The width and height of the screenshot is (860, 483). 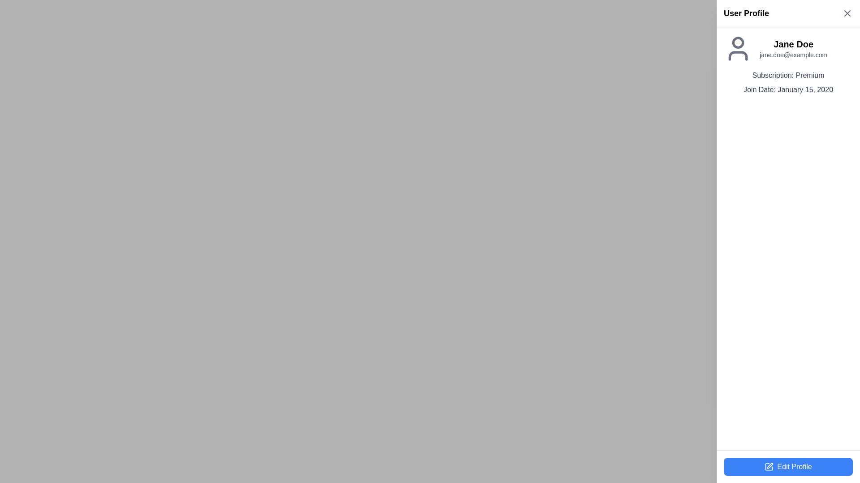 I want to click on the SVG Circle element, which is a circular shape with a thin stroke and no fill, located inside the user profile panel above the username 'Jane Doe', so click(x=738, y=42).